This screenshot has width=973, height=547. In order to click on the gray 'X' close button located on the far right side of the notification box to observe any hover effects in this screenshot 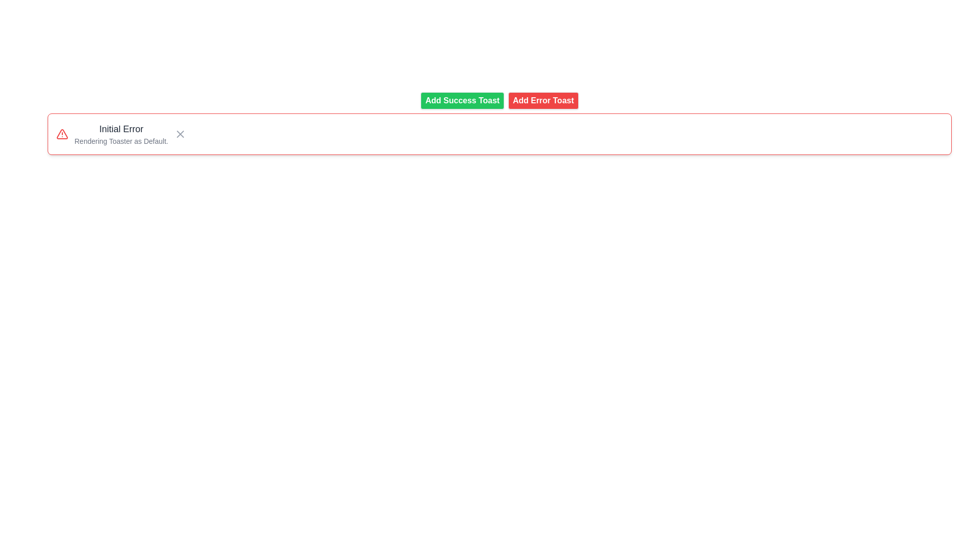, I will do `click(180, 134)`.